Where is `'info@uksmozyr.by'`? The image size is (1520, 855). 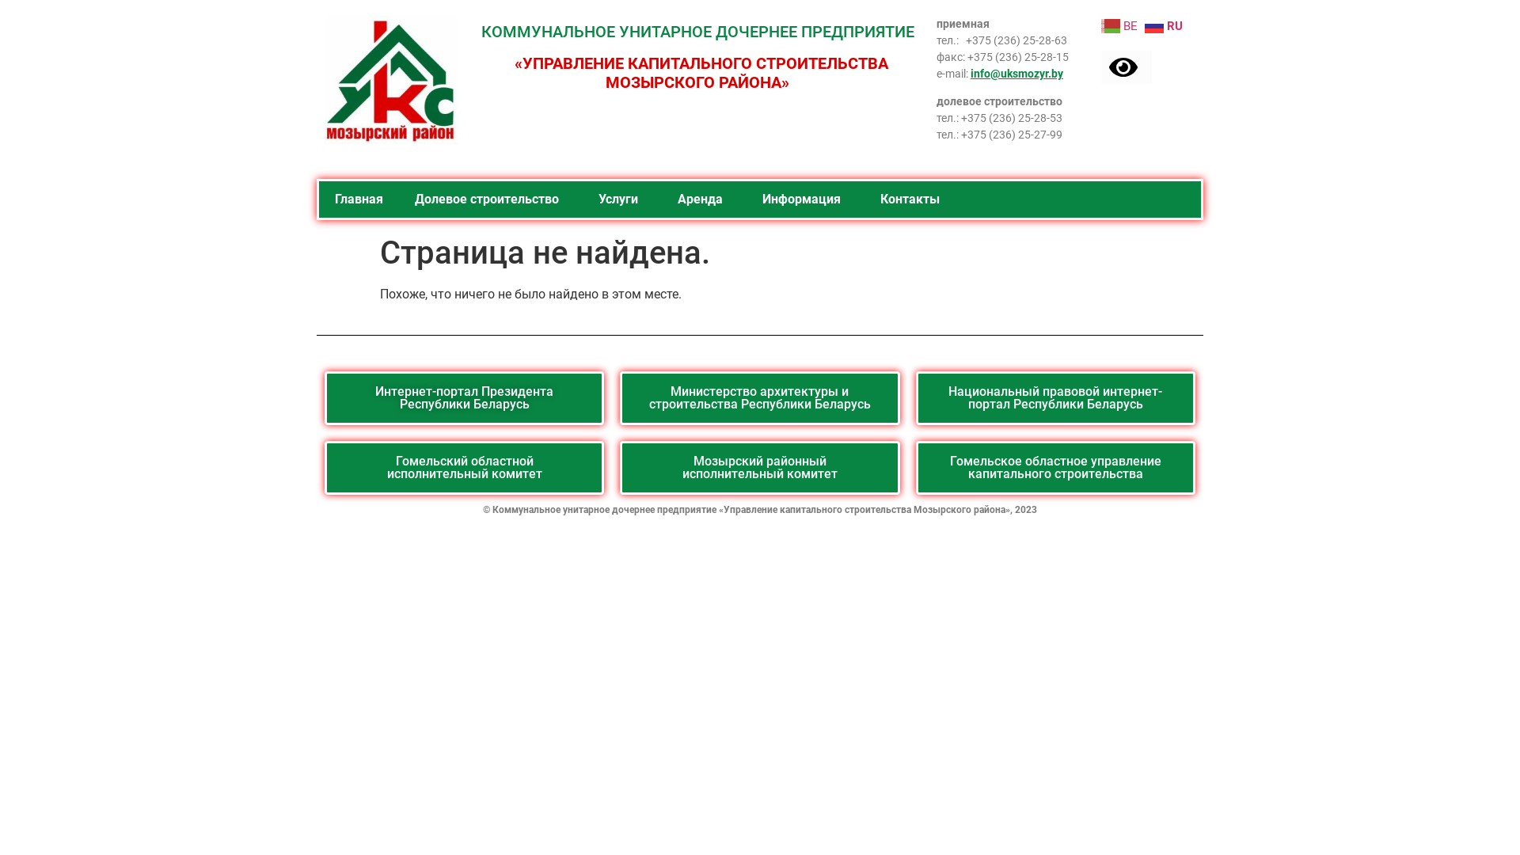 'info@uksmozyr.by' is located at coordinates (1016, 73).